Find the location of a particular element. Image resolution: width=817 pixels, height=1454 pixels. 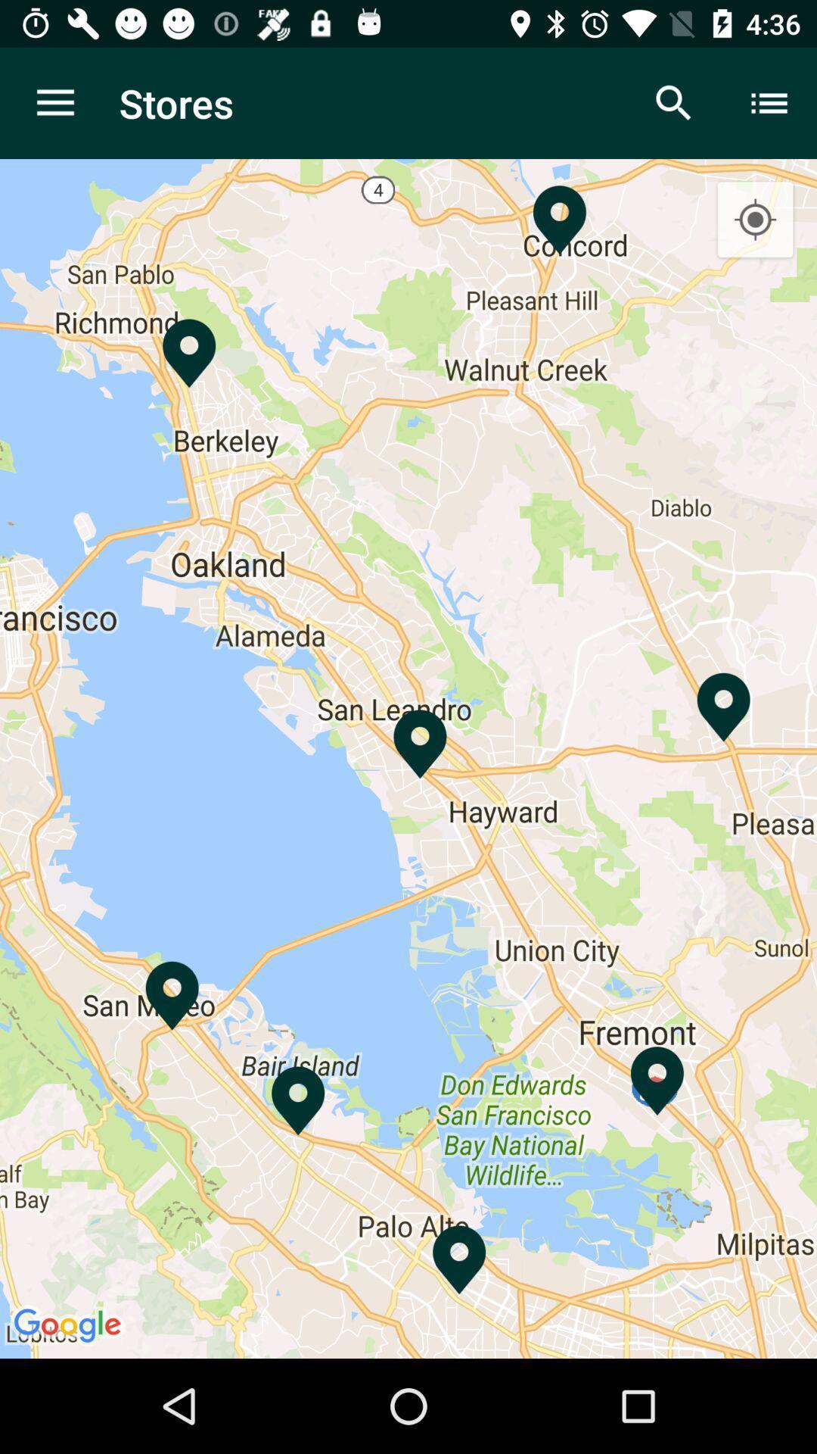

app to the left of stores item is located at coordinates (54, 102).